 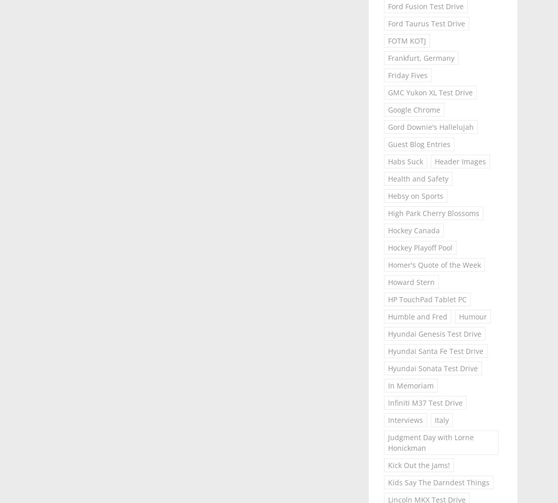 What do you see at coordinates (430, 442) in the screenshot?
I see `'Judgment Day with Lorne Honickman'` at bounding box center [430, 442].